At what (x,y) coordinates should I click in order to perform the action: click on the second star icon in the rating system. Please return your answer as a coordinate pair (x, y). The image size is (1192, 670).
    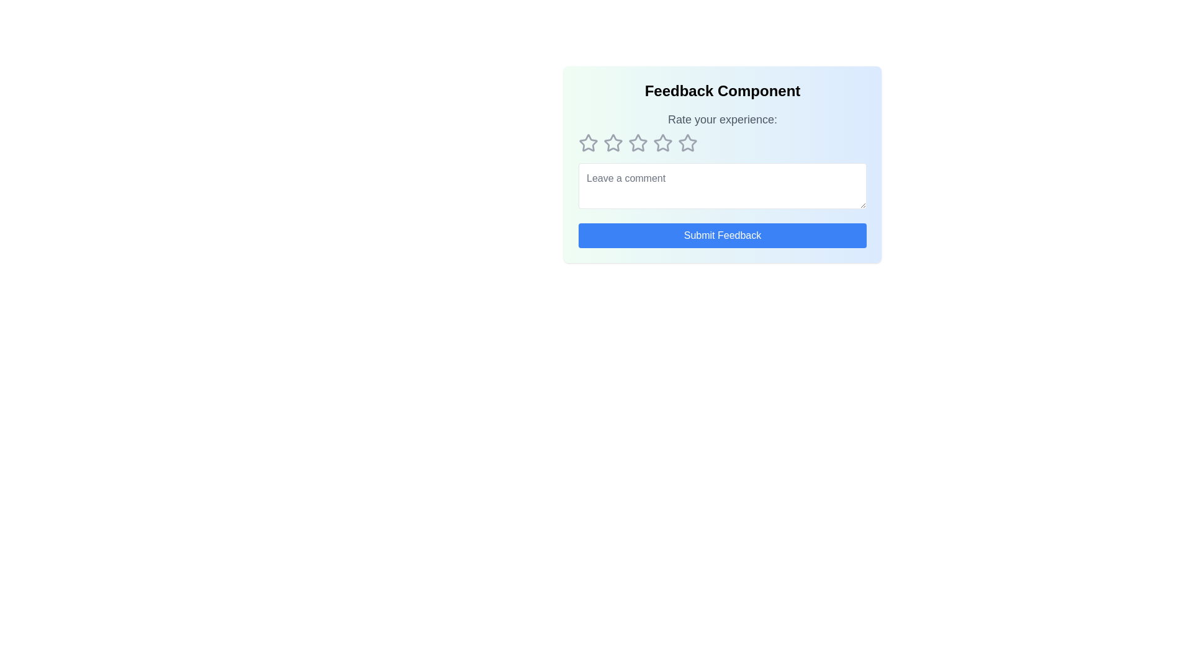
    Looking at the image, I should click on (613, 142).